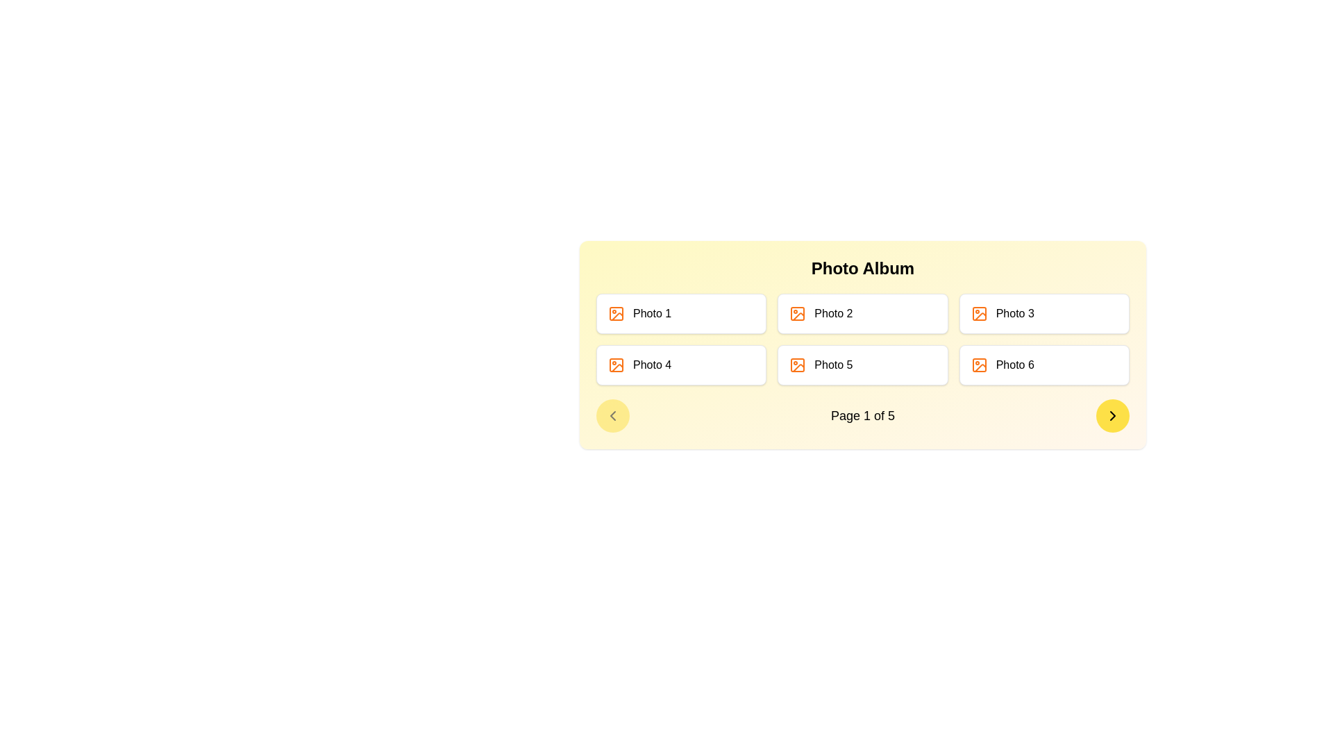  Describe the element at coordinates (798, 313) in the screenshot. I see `small square with rounded corners styled in orange, located within the image placeholder of the photo album application` at that location.